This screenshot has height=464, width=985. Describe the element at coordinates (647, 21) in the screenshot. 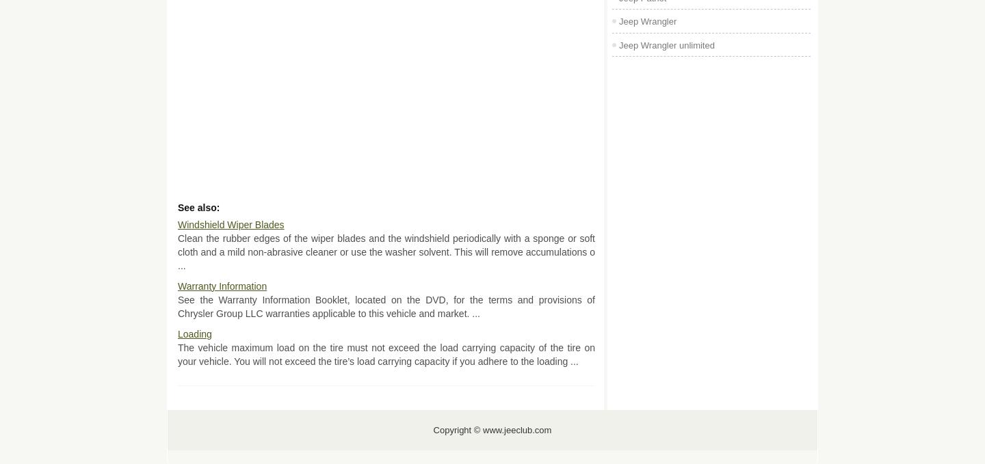

I see `'Jeep Wrangler'` at that location.